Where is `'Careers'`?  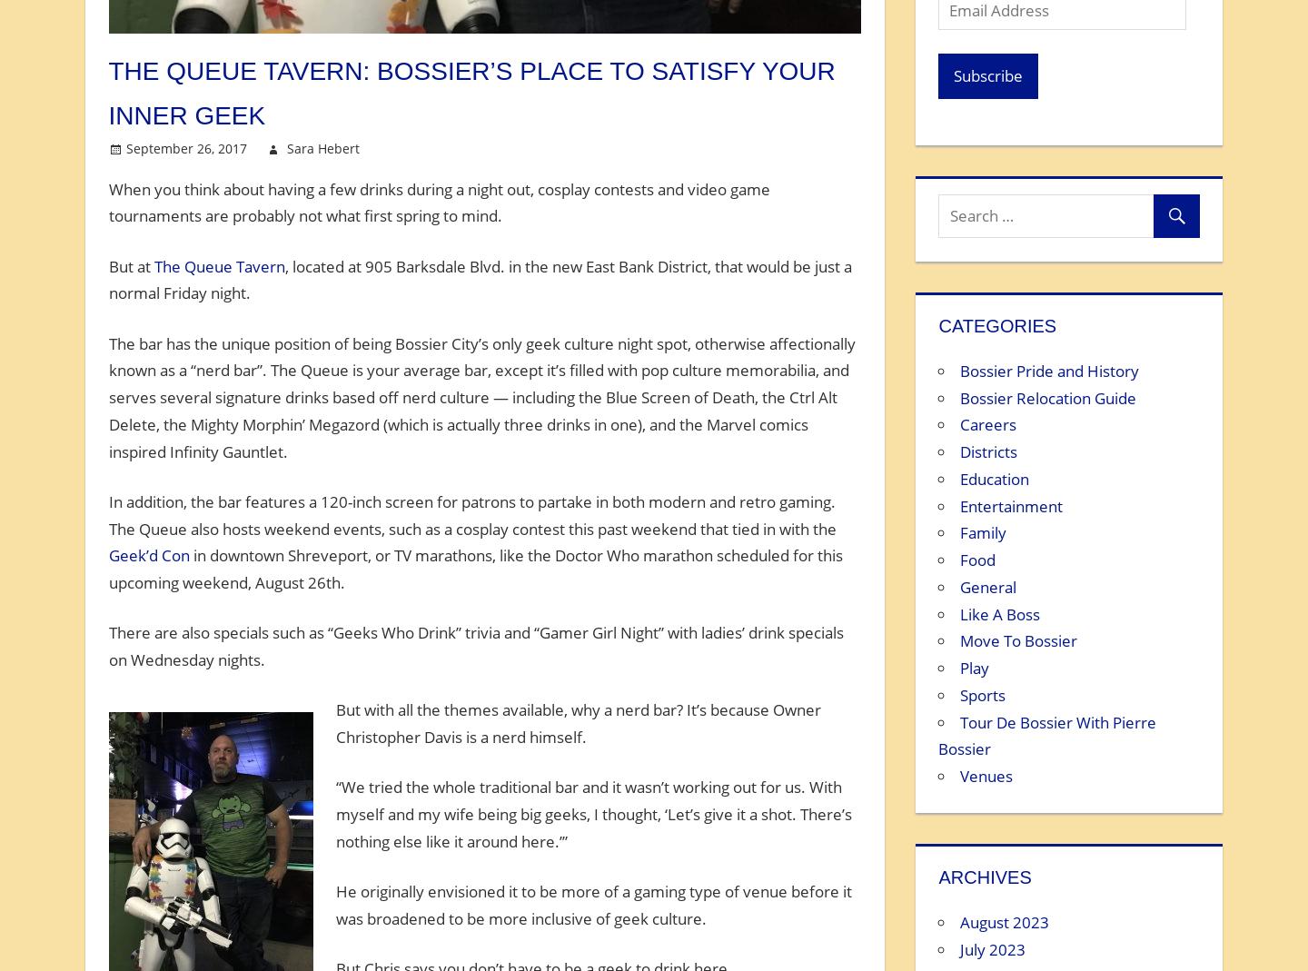 'Careers' is located at coordinates (987, 423).